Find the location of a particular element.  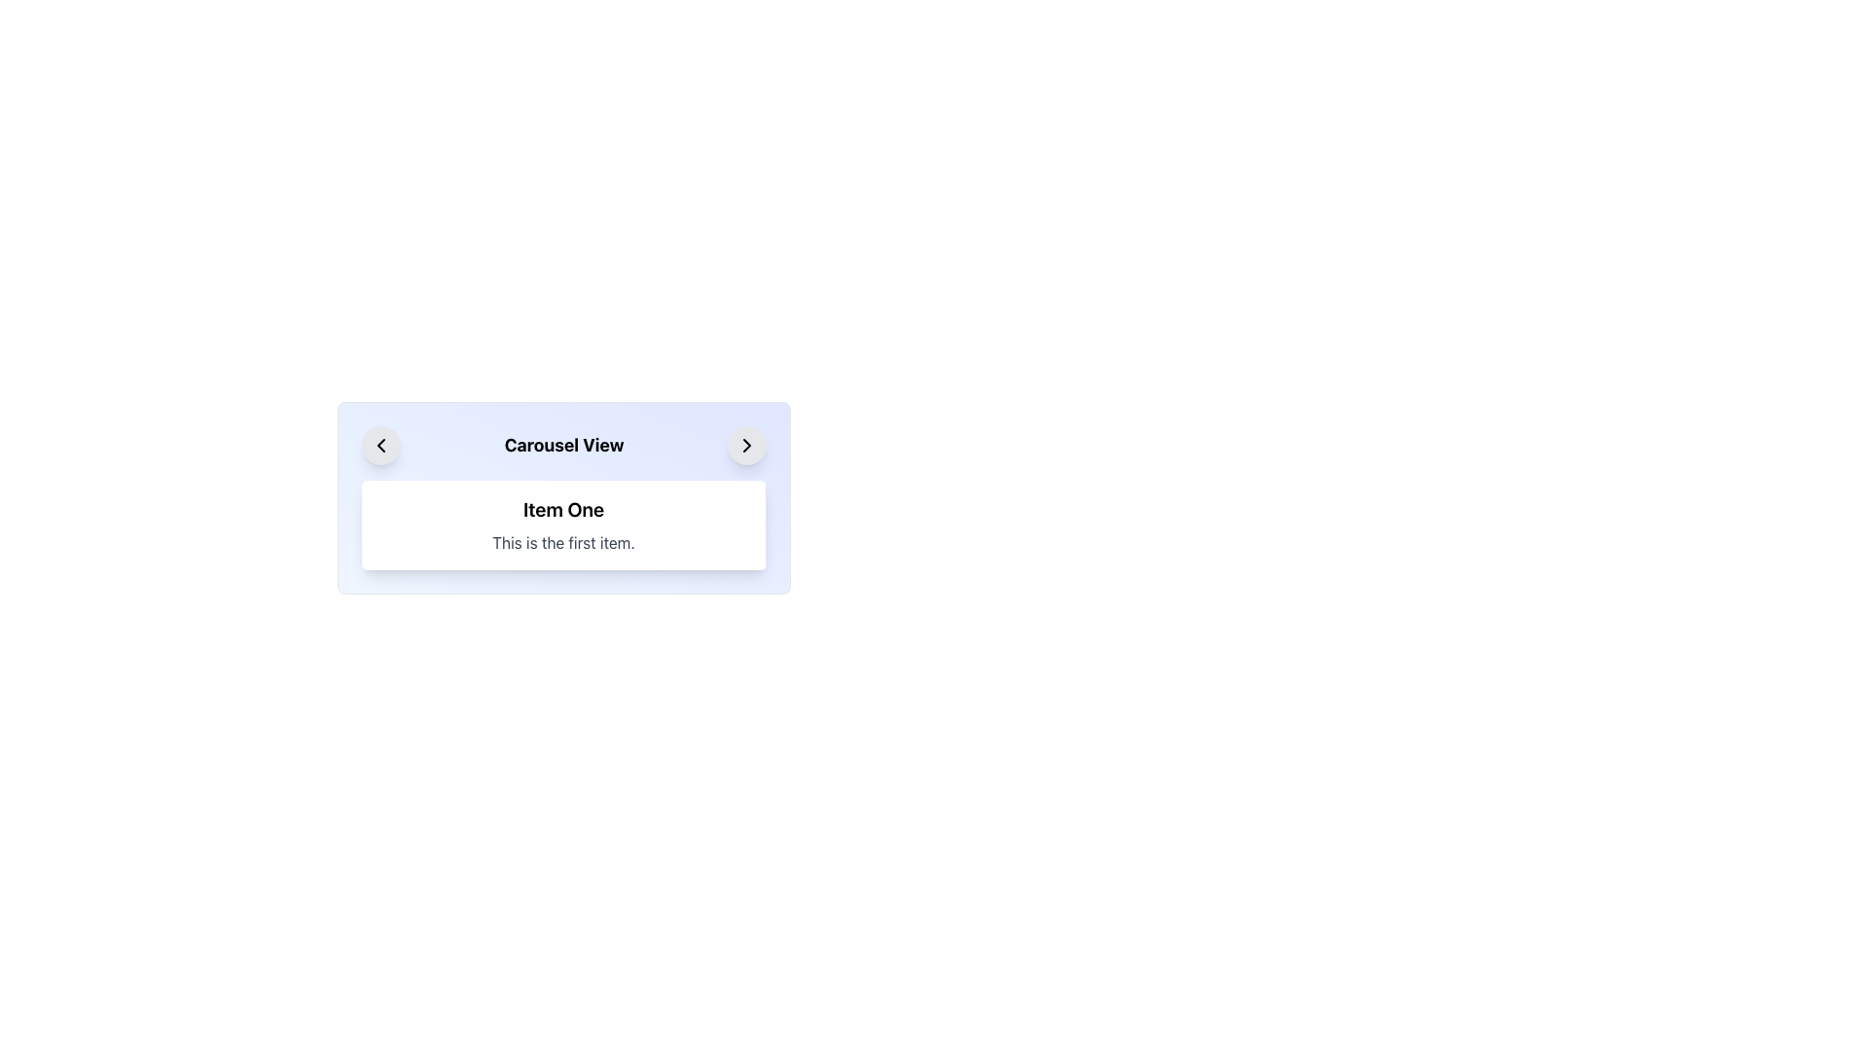

the navigation button located at the far right end of the 'Carousel View' section is located at coordinates (746, 446).